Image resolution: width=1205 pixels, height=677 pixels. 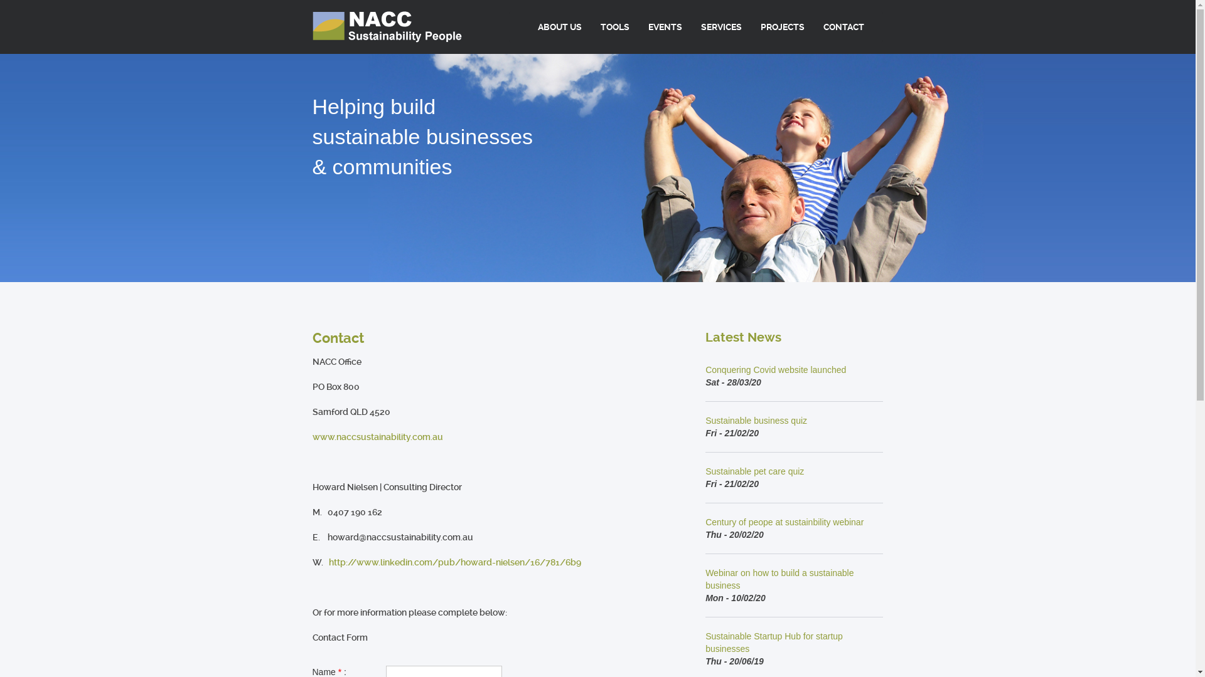 What do you see at coordinates (755, 421) in the screenshot?
I see `'Sustainable business quiz'` at bounding box center [755, 421].